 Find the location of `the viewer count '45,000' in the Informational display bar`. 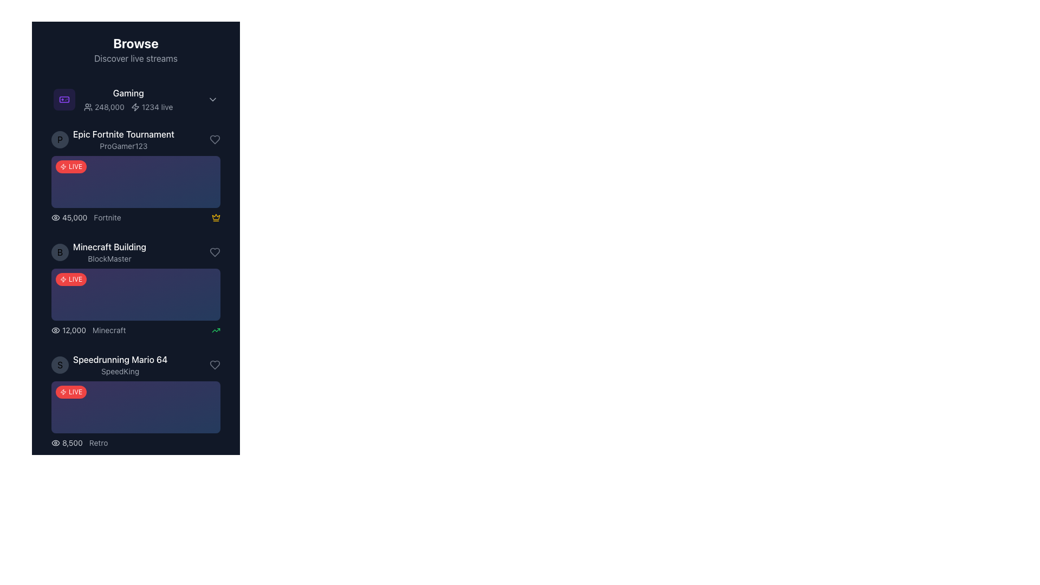

the viewer count '45,000' in the Informational display bar is located at coordinates (135, 217).